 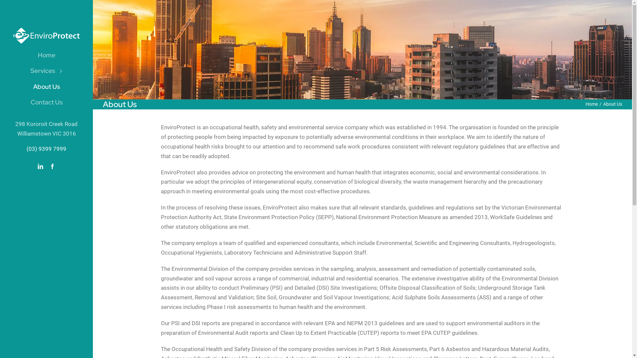 I want to click on 'About Us', so click(x=46, y=87).